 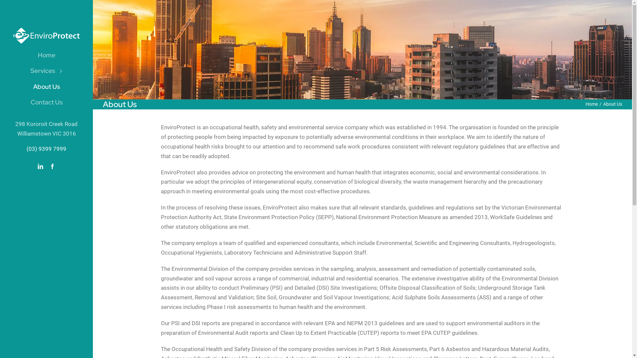 I want to click on 'About Us', so click(x=46, y=87).